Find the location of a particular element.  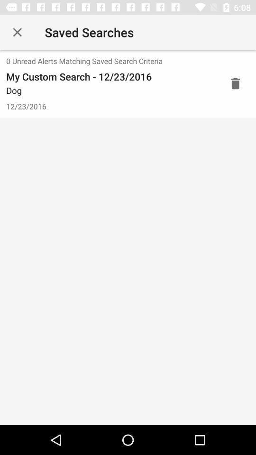

delete this entry is located at coordinates (235, 83).